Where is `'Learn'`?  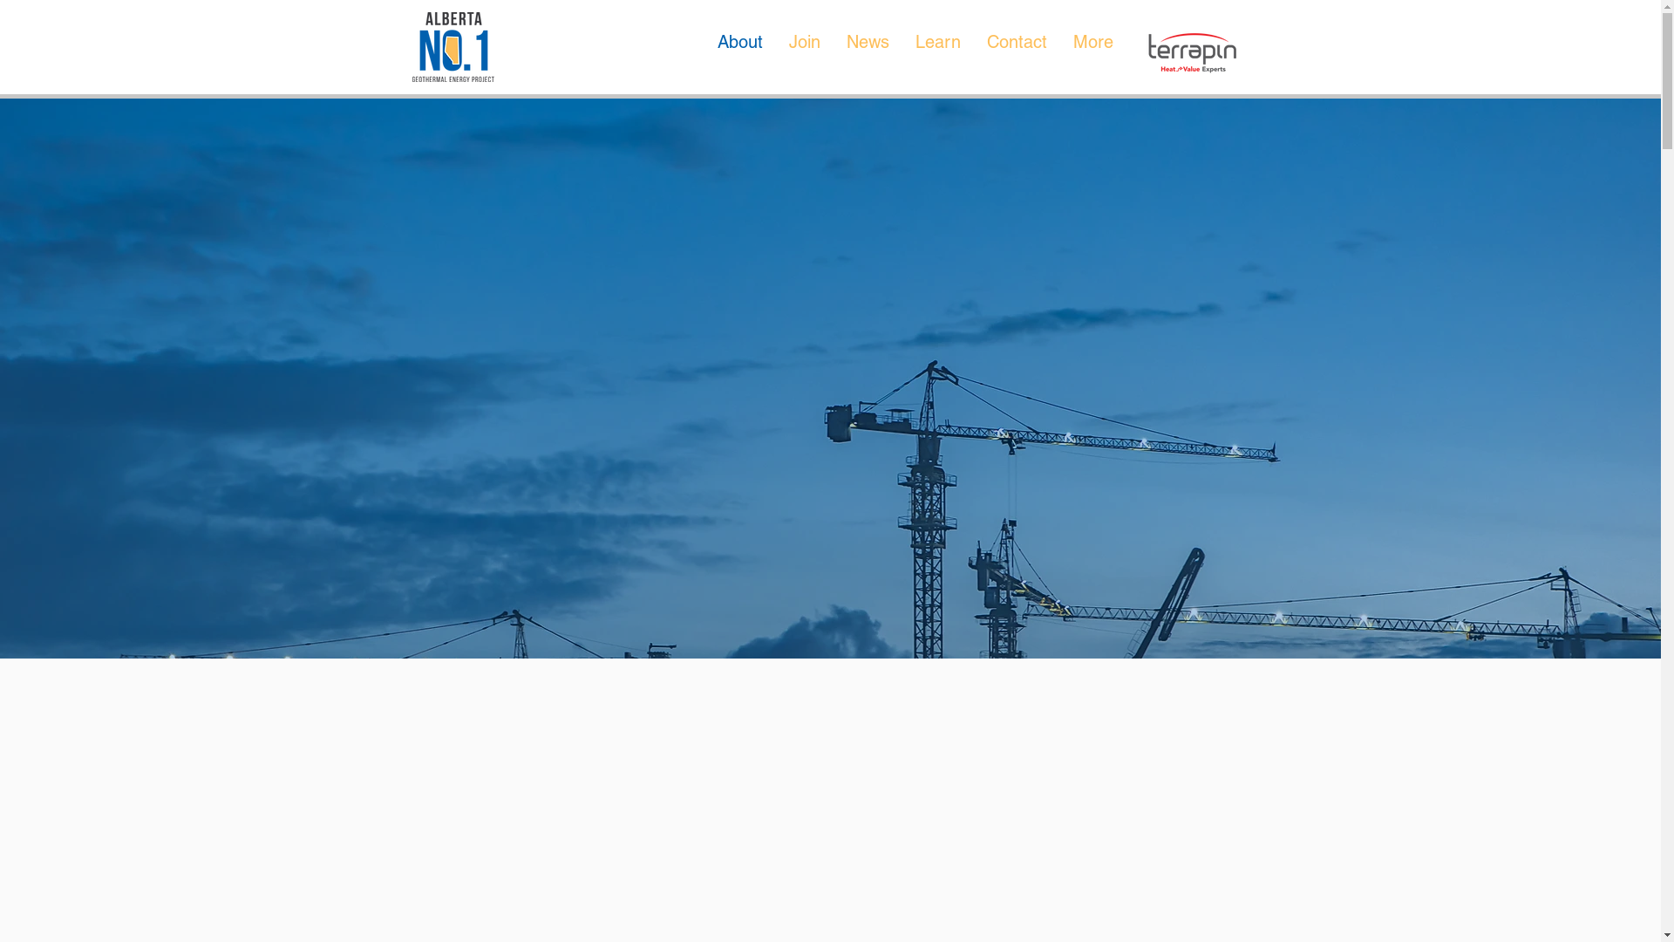 'Learn' is located at coordinates (936, 50).